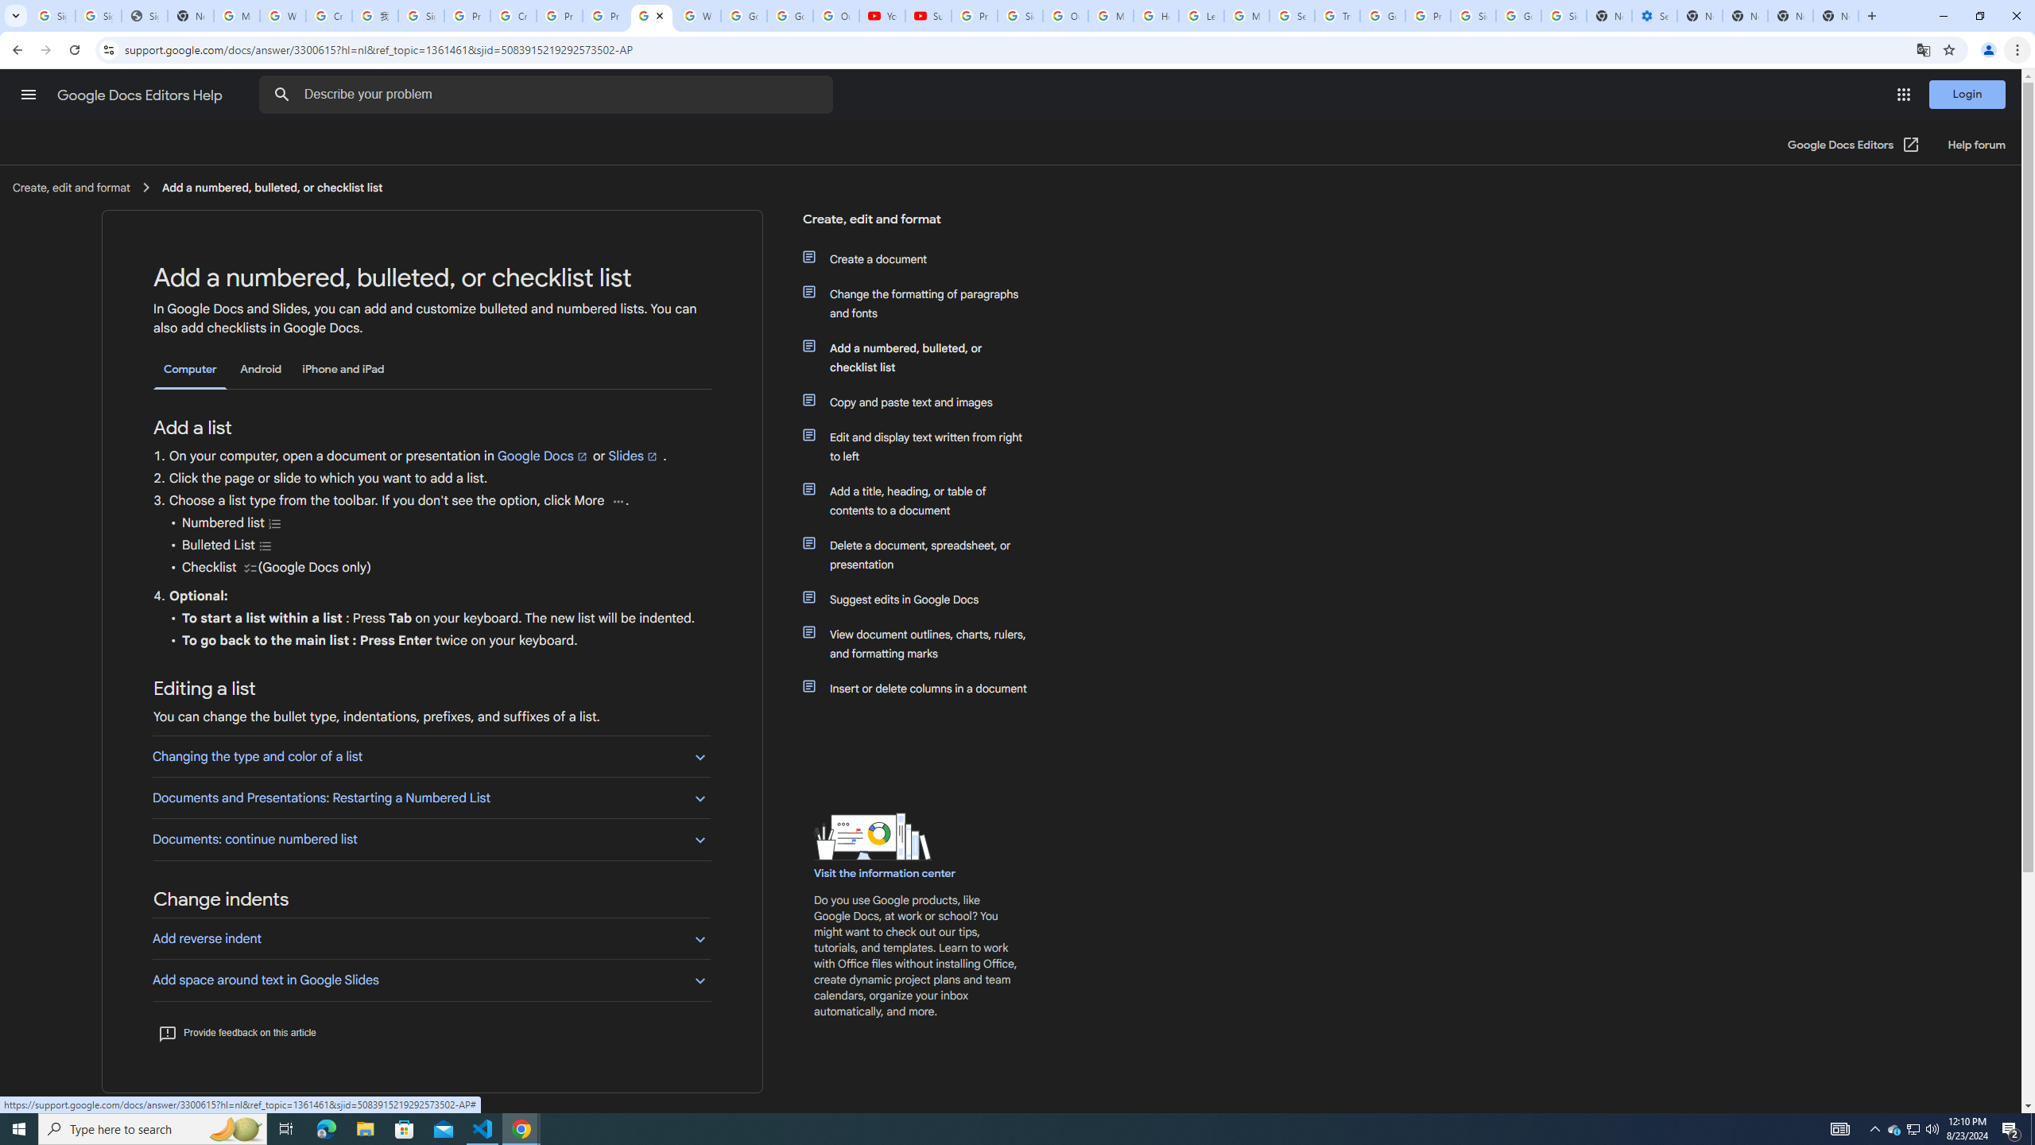 The image size is (2035, 1145). I want to click on 'Delete a document, spreadsheet, or presentation', so click(924, 554).